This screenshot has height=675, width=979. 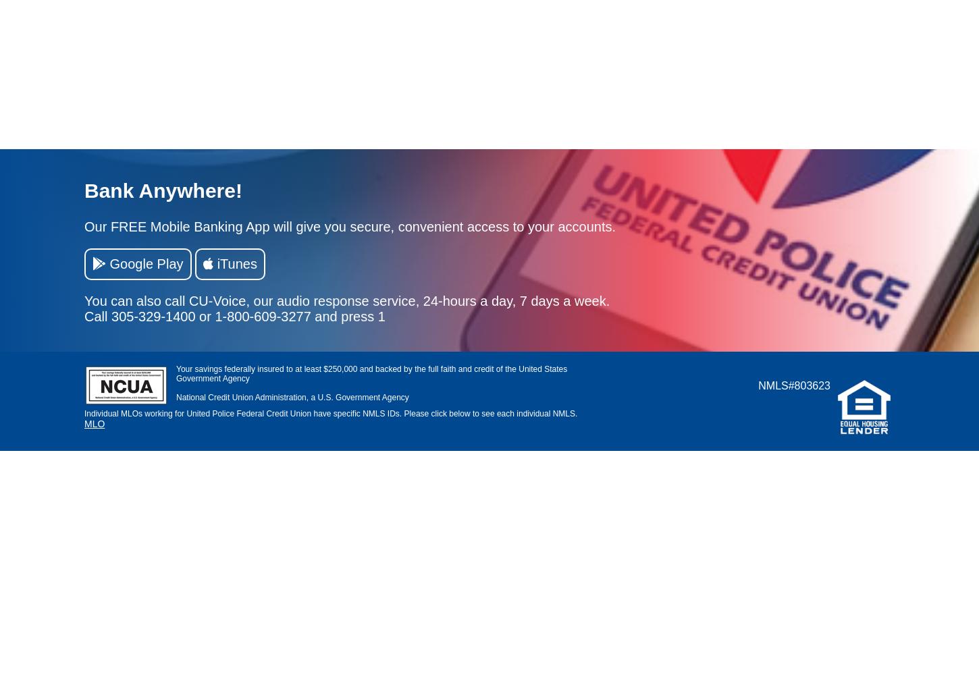 I want to click on 'Individual MLOs working for United Police Federal Credit Union have specific NMLS IDs. Please click below to see each individual NMLS.', so click(x=83, y=413).